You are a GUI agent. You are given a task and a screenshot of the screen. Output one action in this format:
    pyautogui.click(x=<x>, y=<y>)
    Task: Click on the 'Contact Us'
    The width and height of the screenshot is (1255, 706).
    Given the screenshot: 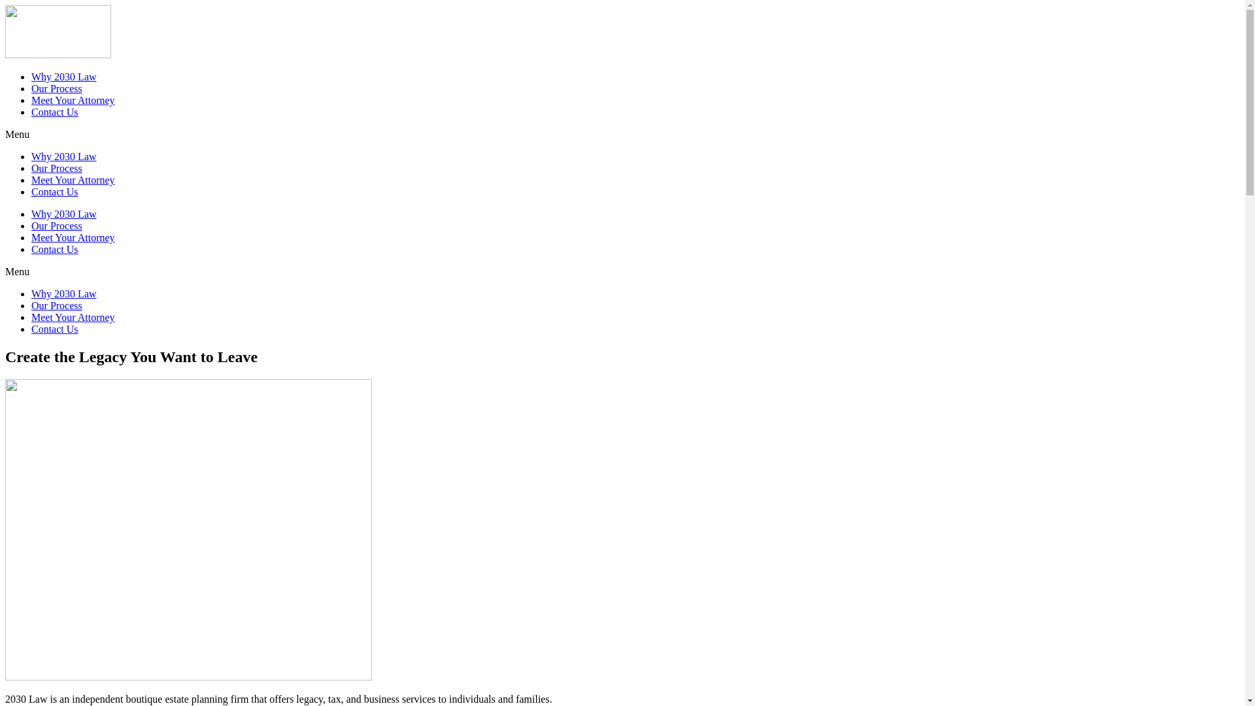 What is the action you would take?
    pyautogui.click(x=31, y=192)
    